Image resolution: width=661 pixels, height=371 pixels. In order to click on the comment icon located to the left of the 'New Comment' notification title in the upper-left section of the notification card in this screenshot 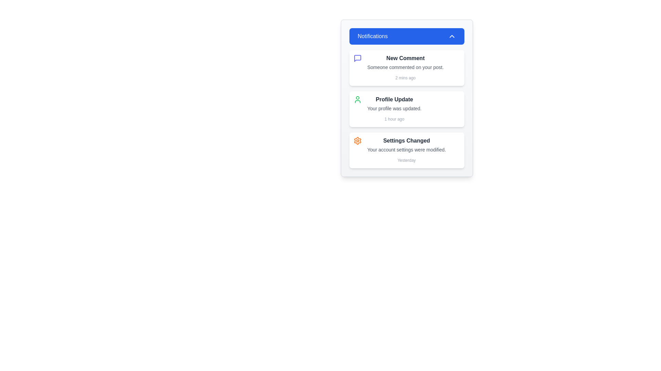, I will do `click(357, 58)`.